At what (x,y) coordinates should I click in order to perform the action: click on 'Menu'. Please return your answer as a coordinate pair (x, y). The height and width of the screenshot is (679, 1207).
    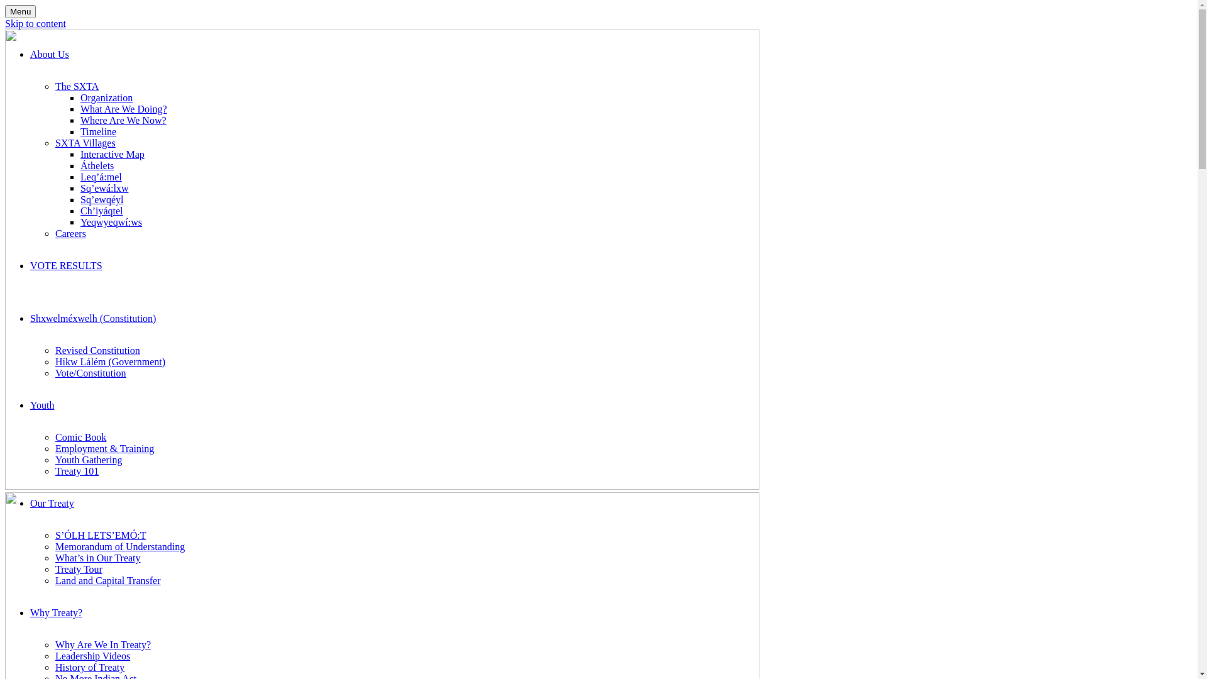
    Looking at the image, I should click on (20, 11).